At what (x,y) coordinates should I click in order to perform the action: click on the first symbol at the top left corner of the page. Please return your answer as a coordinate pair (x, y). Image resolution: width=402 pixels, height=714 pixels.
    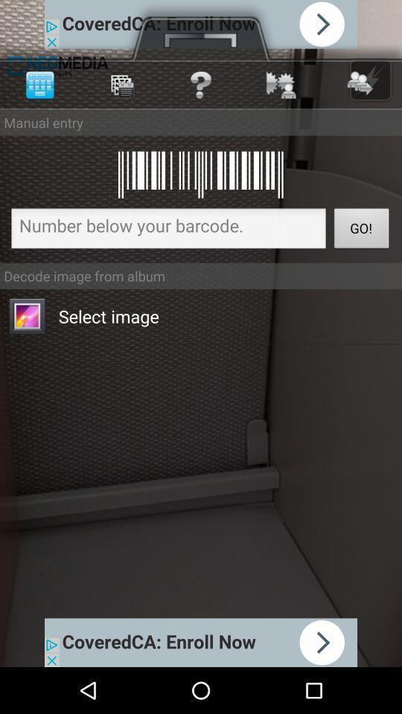
    Looking at the image, I should click on (39, 85).